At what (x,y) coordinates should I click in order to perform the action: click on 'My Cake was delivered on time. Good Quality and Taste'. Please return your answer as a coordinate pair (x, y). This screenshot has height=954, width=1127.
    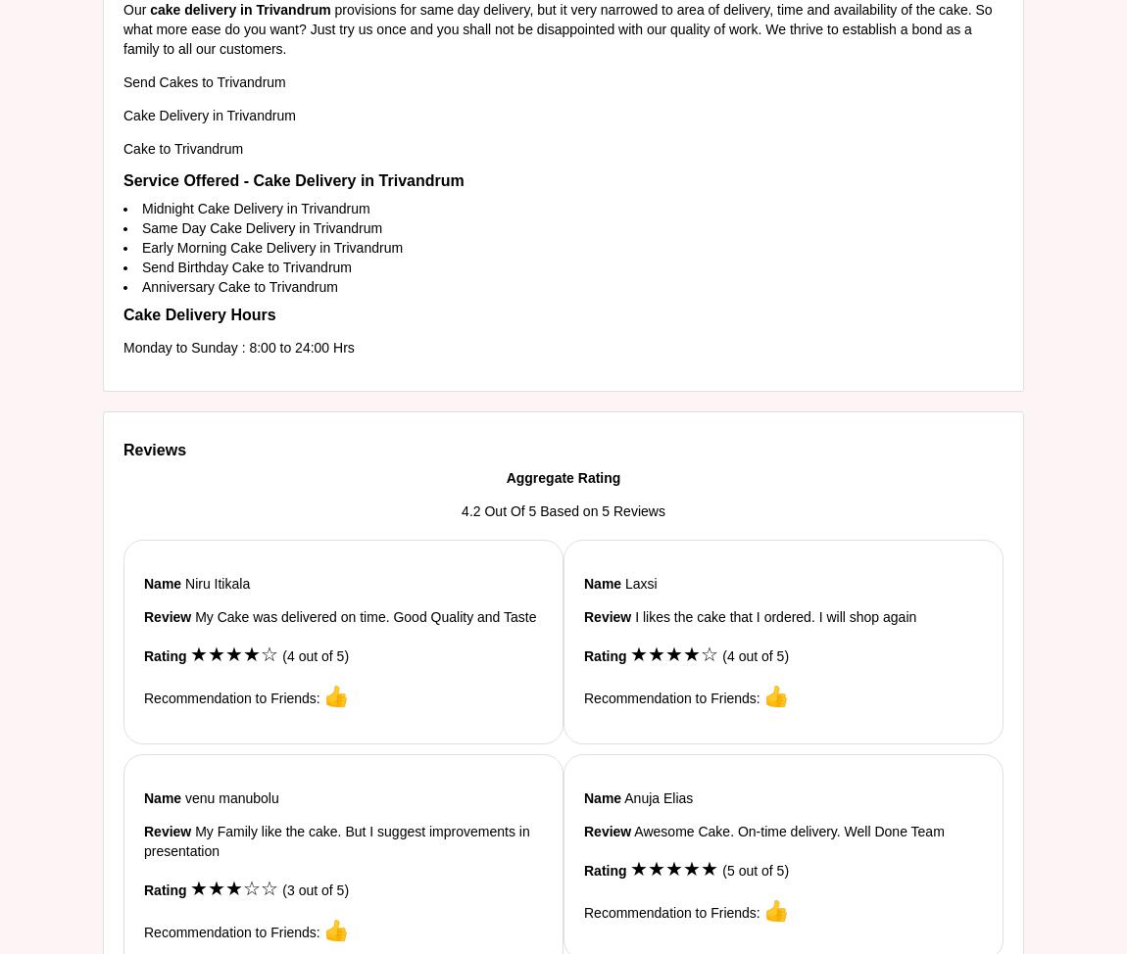
    Looking at the image, I should click on (363, 615).